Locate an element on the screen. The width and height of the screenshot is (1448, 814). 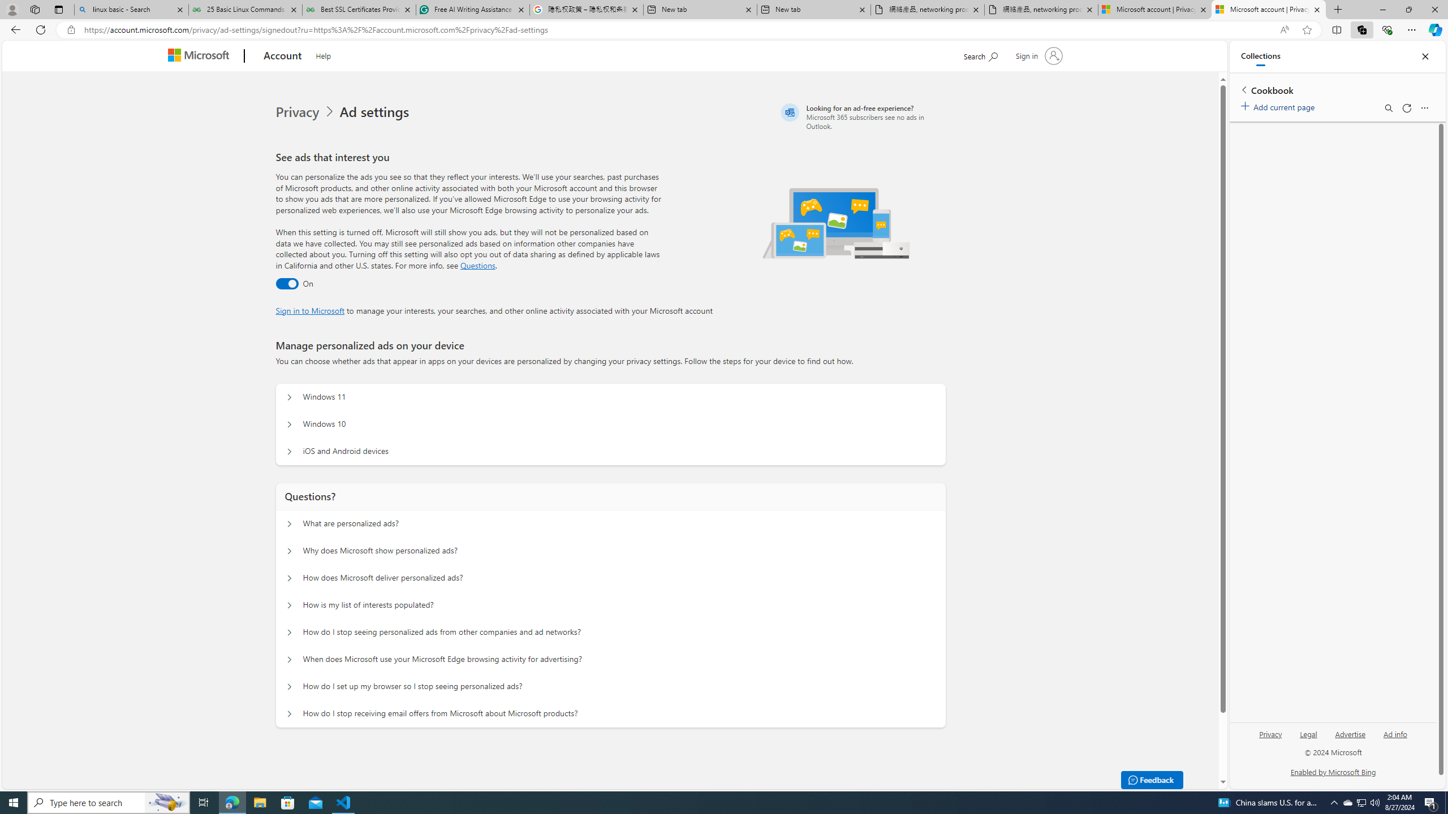
'Sign in to your account' is located at coordinates (1037, 55).